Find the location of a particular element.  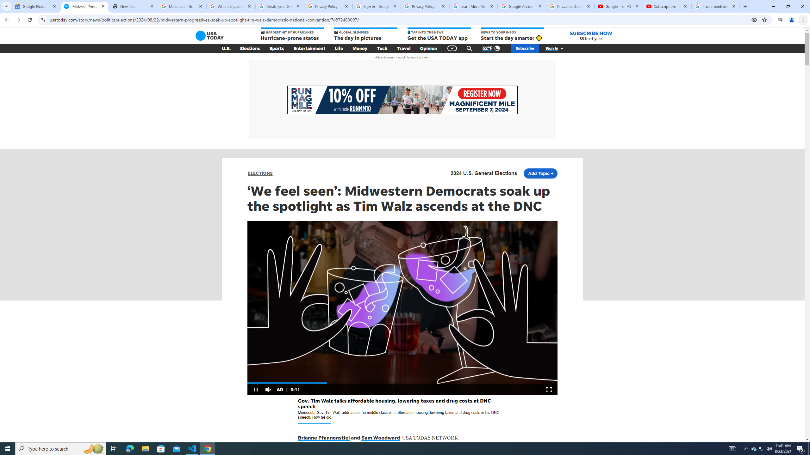

'Subscriptions - YouTube' is located at coordinates (667, 6).